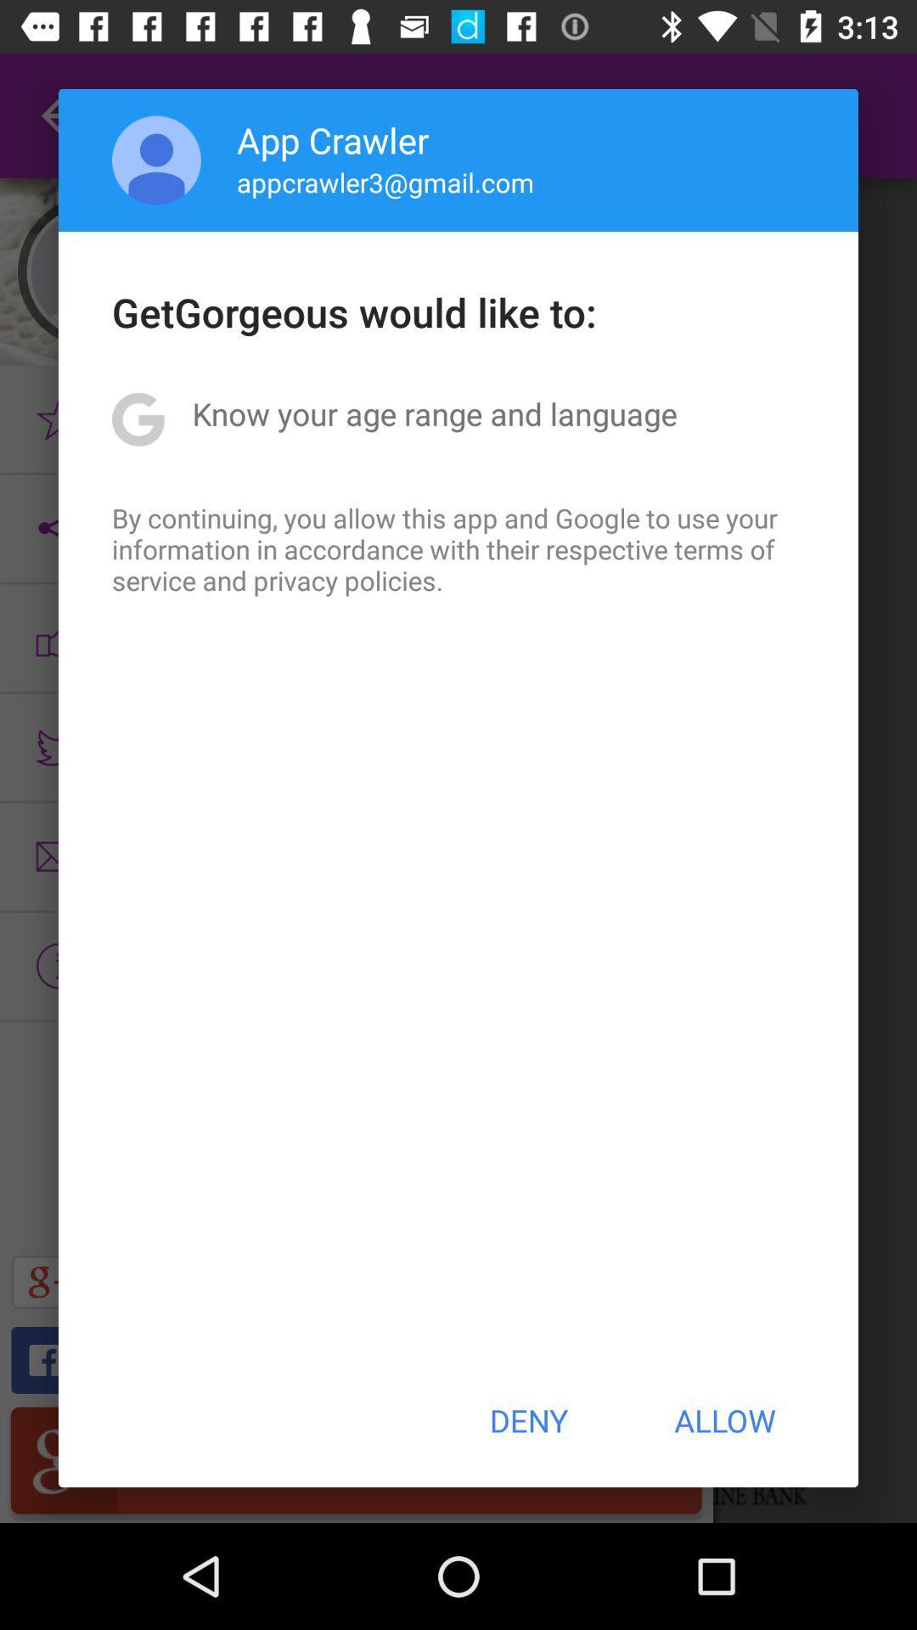  I want to click on the icon below getgorgeous would like, so click(434, 413).